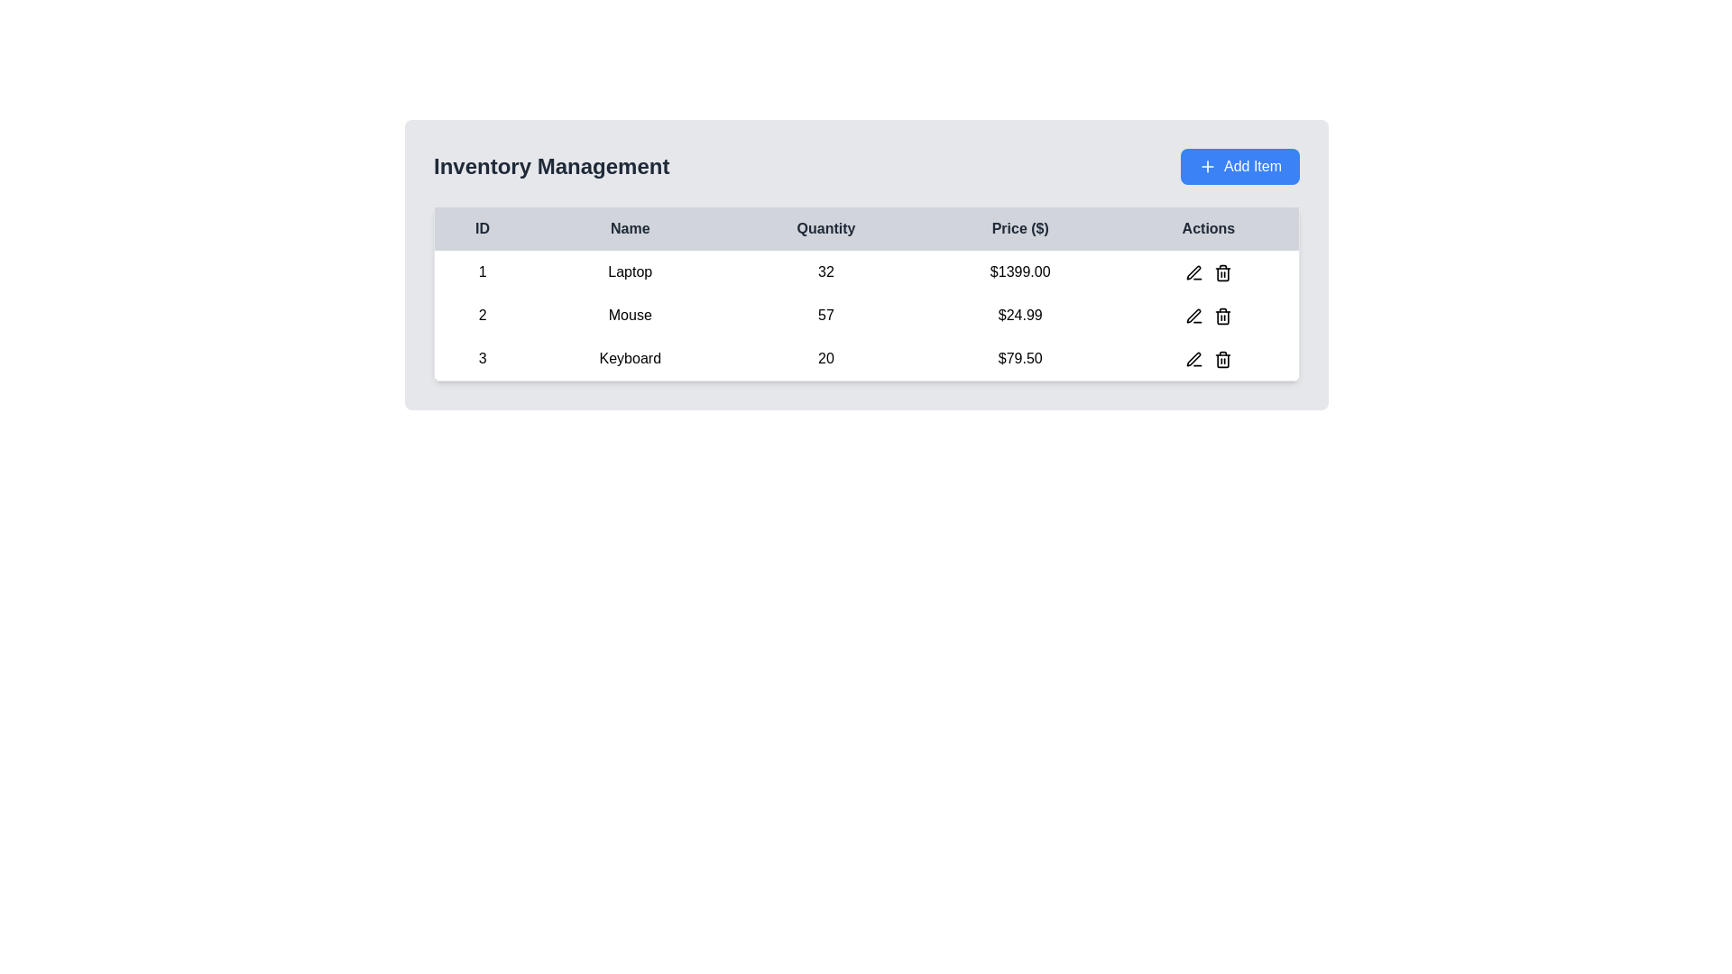 This screenshot has height=974, width=1732. What do you see at coordinates (482, 315) in the screenshot?
I see `the bold black number '2' in the first column of the structured table under the 'ID' header, located in the second row, immediately above '3' and below '1'` at bounding box center [482, 315].